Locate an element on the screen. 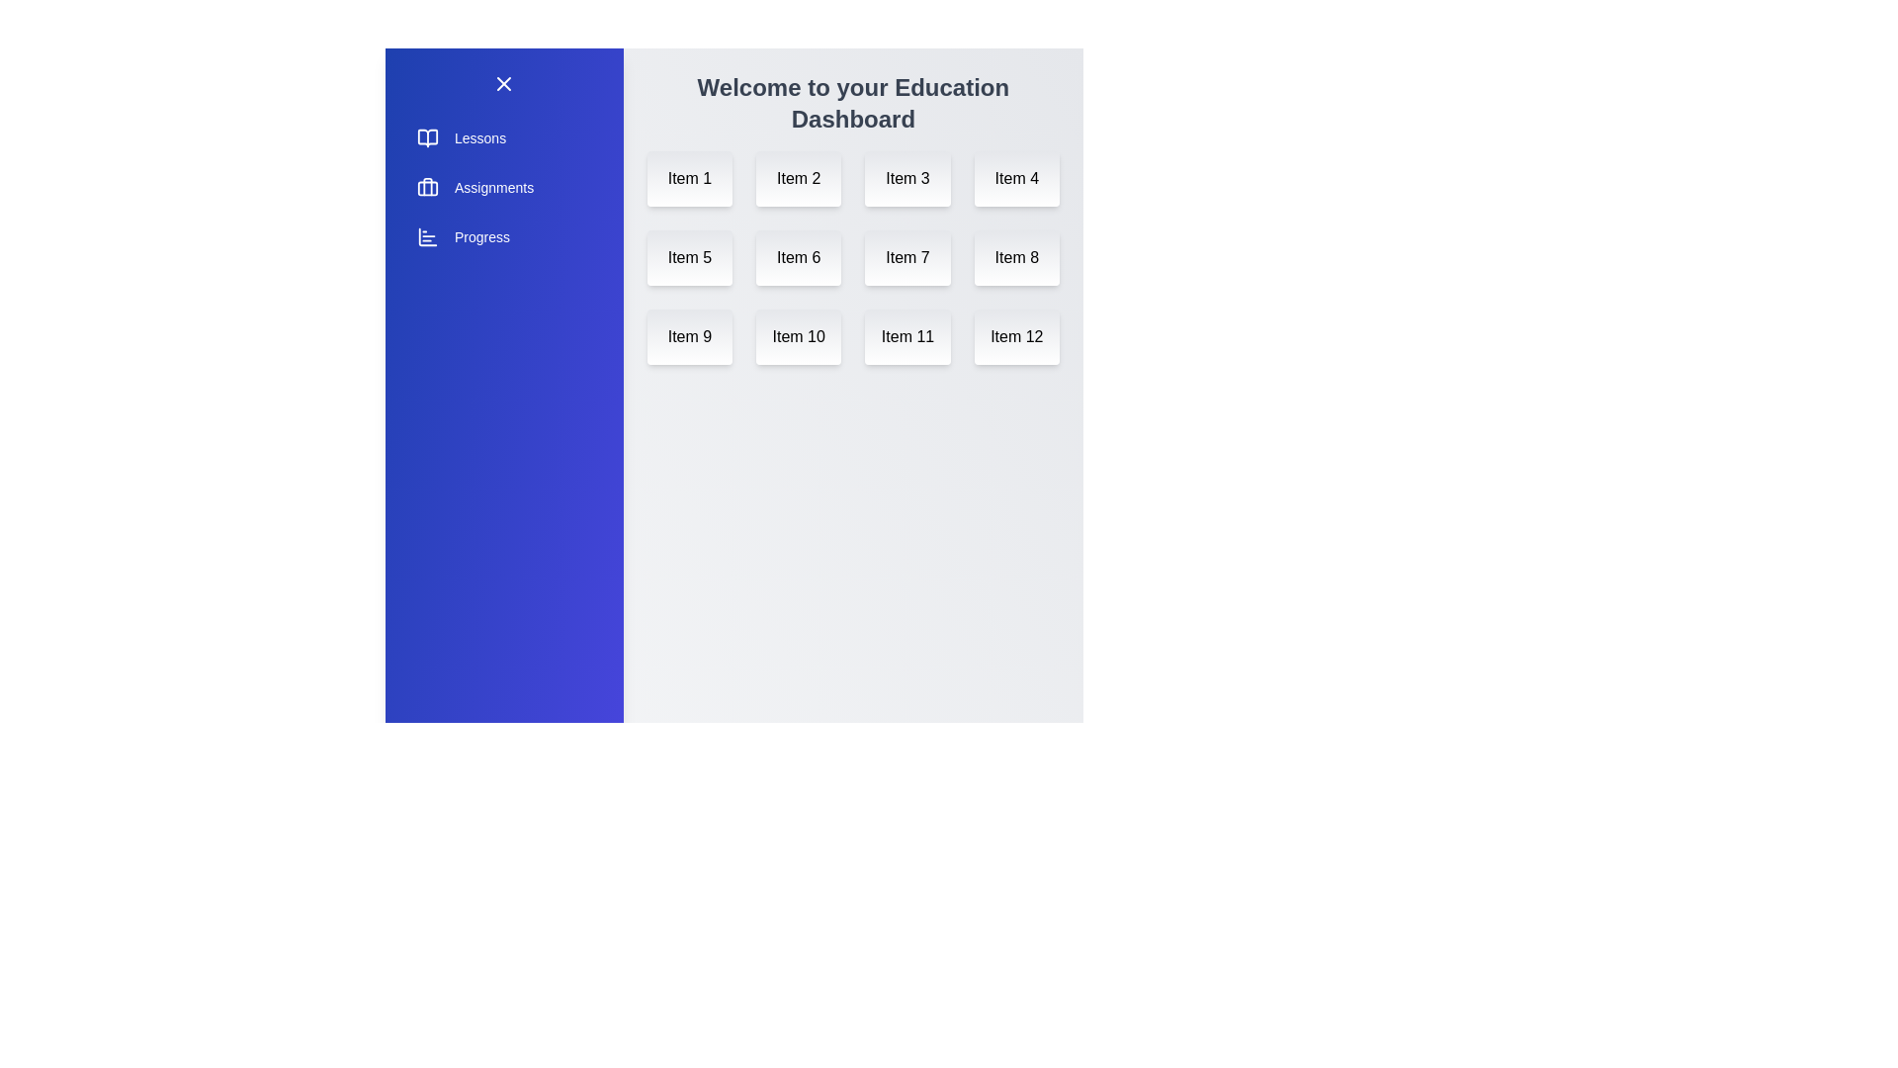 The image size is (1898, 1068). menu button to toggle the sidebar is located at coordinates (504, 82).